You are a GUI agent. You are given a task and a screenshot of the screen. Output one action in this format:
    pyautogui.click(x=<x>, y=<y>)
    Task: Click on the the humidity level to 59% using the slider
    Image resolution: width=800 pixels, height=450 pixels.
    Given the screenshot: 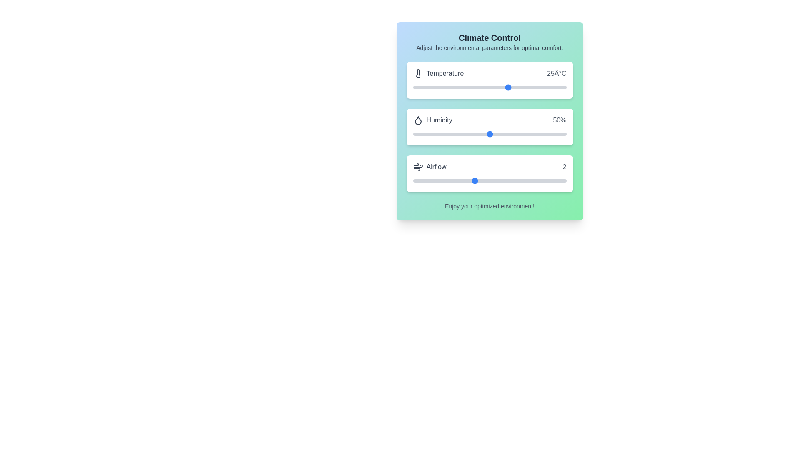 What is the action you would take?
    pyautogui.click(x=503, y=133)
    